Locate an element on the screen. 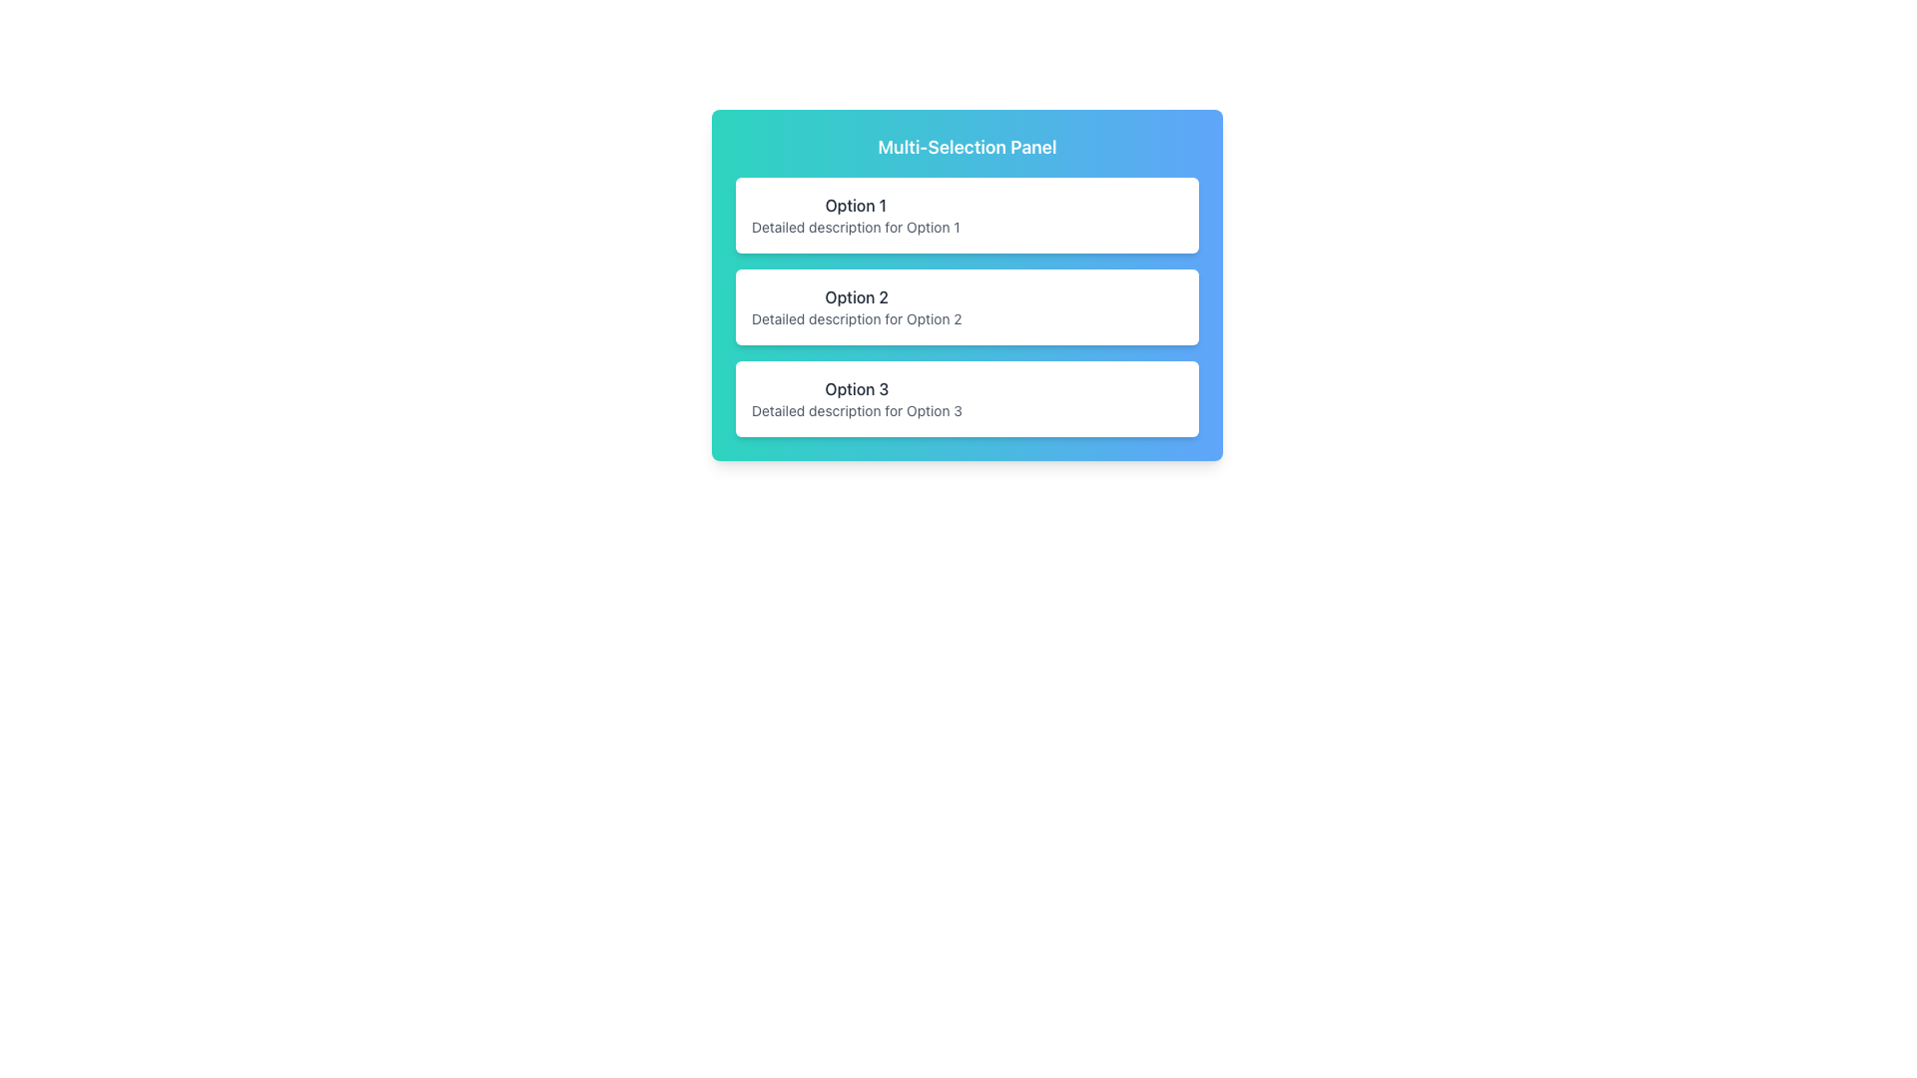 This screenshot has height=1078, width=1917. the text block titled 'Option 3' which has a description below it, located within the 'Multi-Selection Panel' section is located at coordinates (857, 399).